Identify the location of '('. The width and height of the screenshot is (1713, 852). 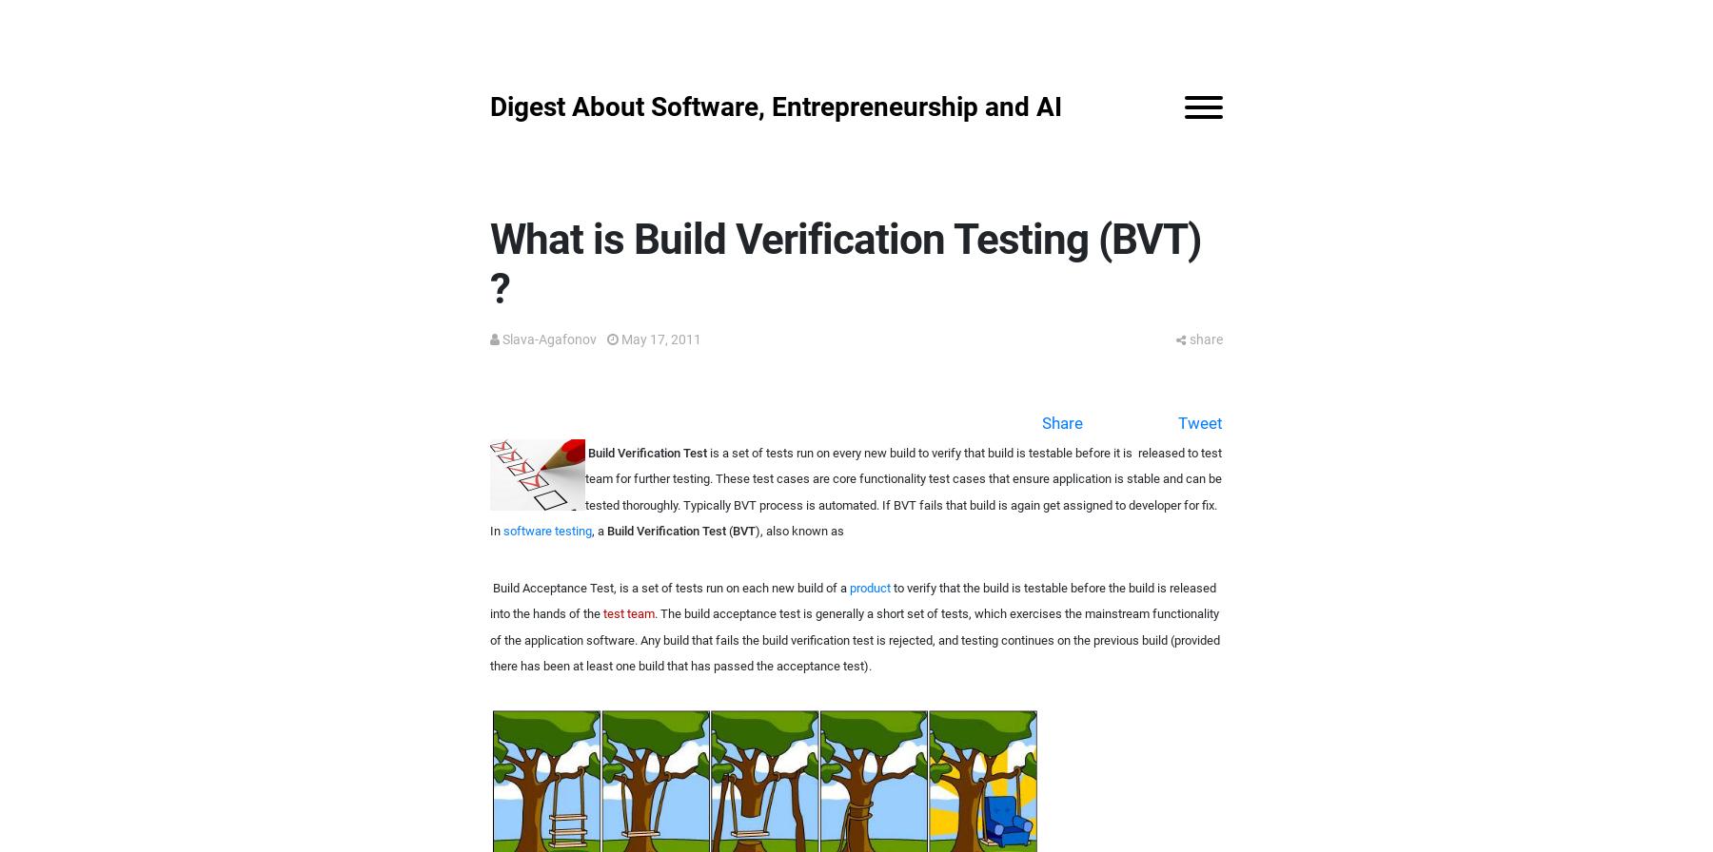
(728, 531).